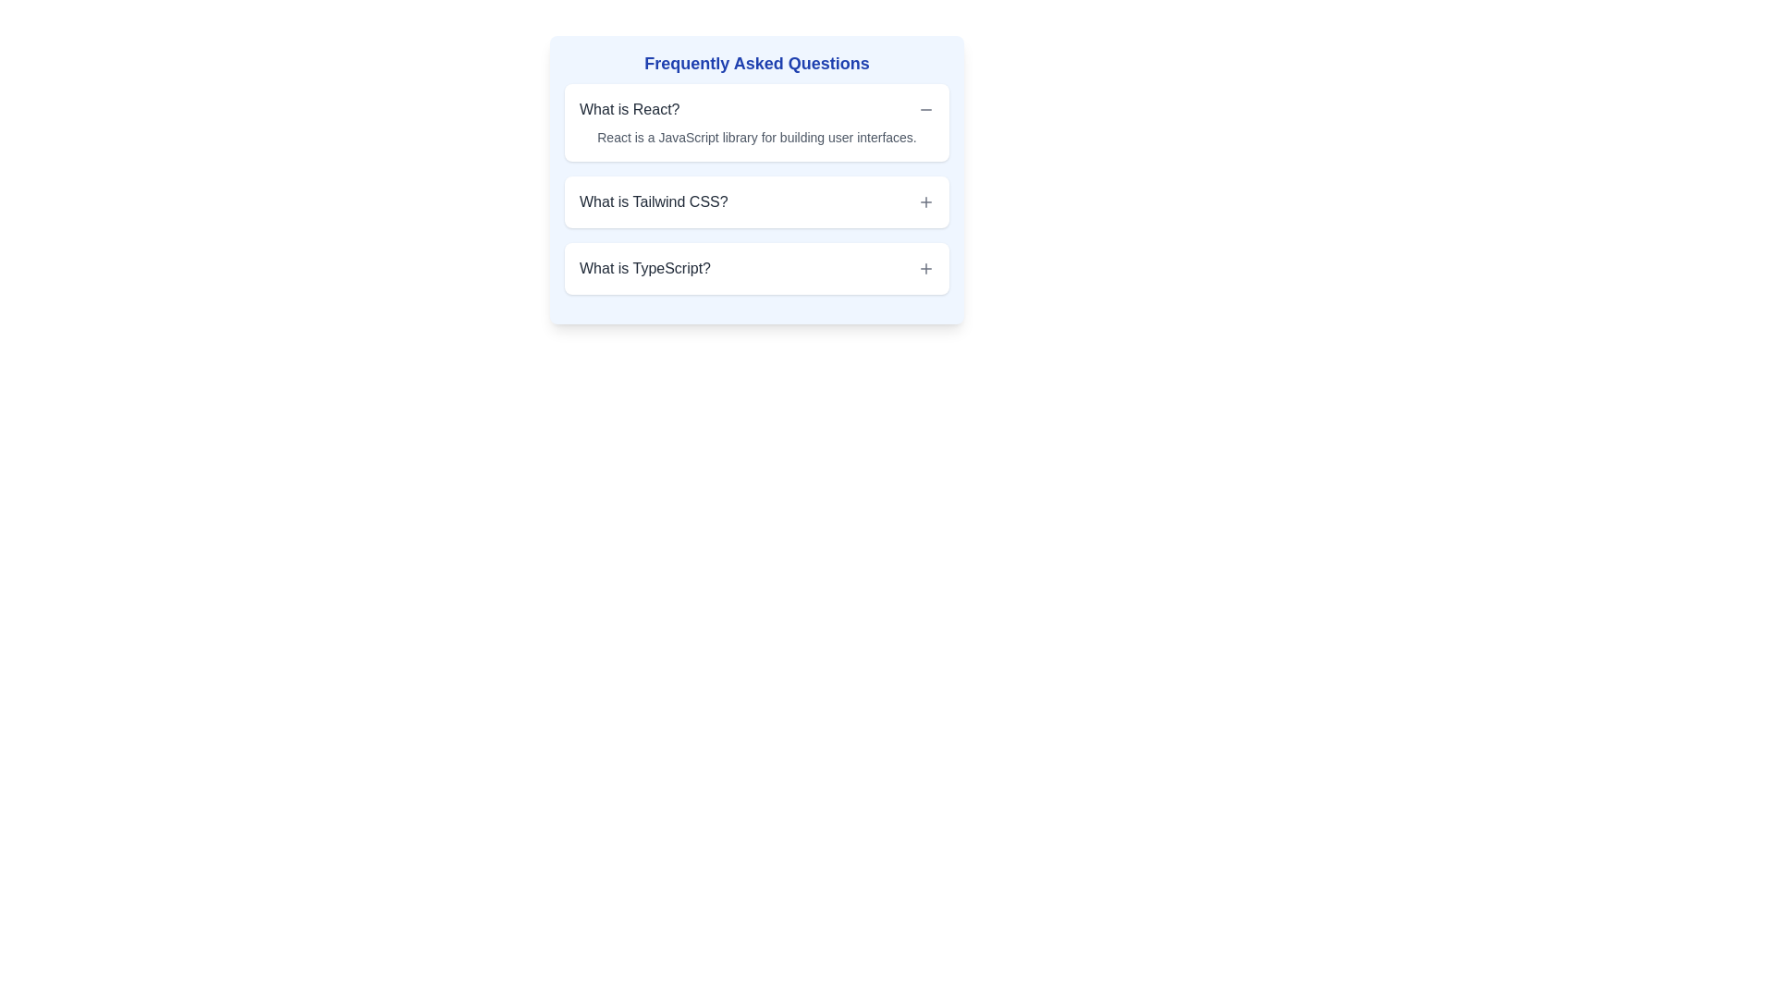 The image size is (1775, 998). I want to click on the text header element "What is React?" styled in medium bold dark gray, located in the FAQ section, so click(630, 110).